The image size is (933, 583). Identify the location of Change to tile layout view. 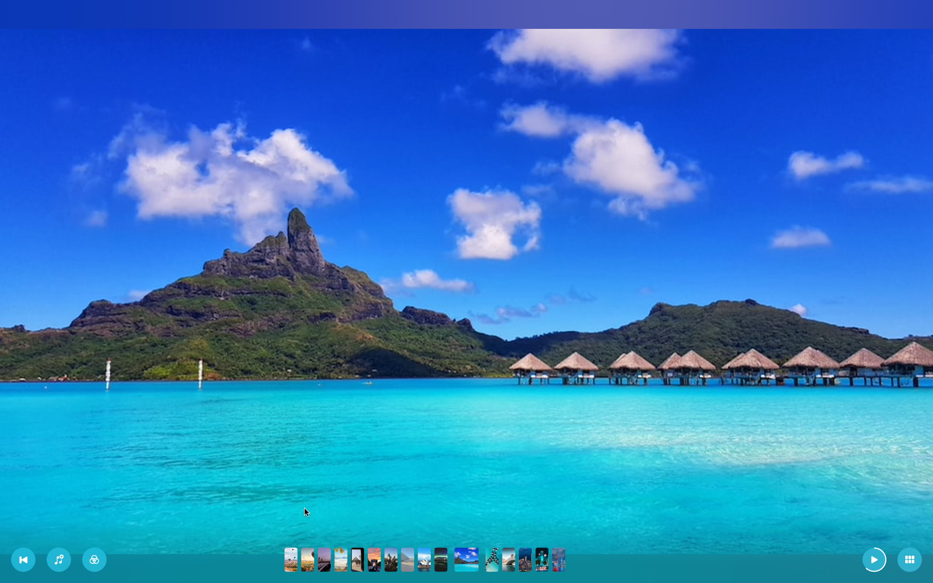
(909, 560).